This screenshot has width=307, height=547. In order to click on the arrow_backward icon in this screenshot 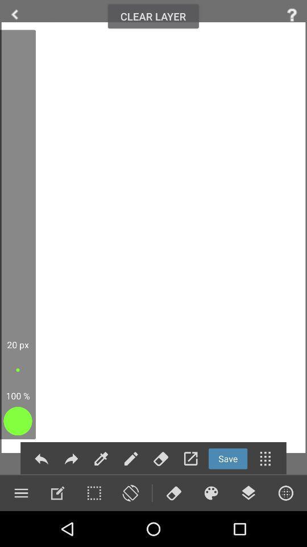, I will do `click(14, 14)`.